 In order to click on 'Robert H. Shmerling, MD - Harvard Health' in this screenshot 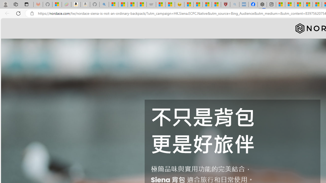, I will do `click(225, 4)`.